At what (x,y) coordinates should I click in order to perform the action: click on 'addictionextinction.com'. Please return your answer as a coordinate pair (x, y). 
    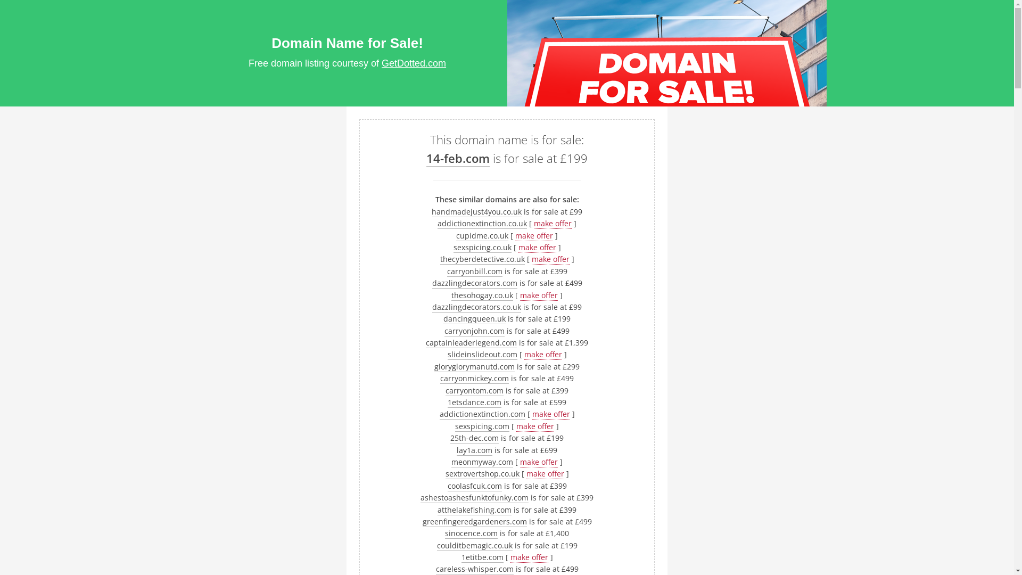
    Looking at the image, I should click on (482, 414).